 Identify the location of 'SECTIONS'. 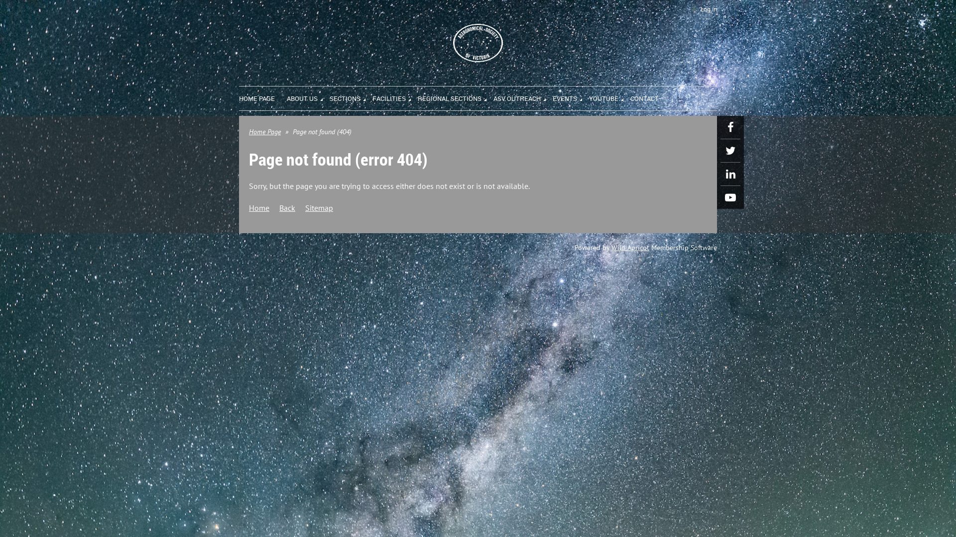
(351, 97).